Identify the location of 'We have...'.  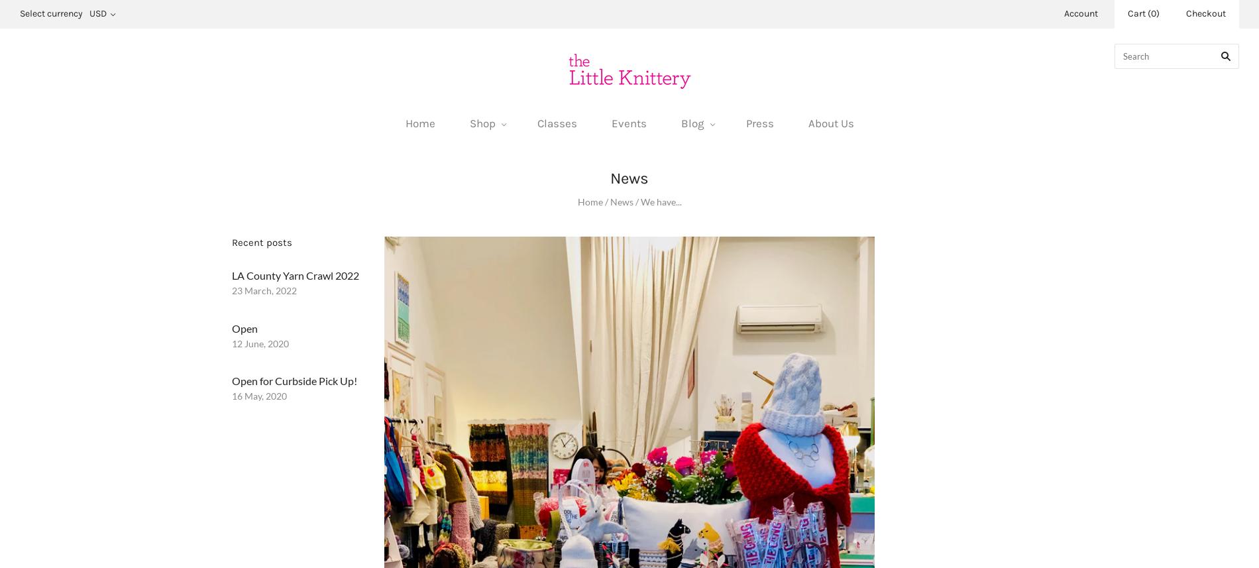
(639, 201).